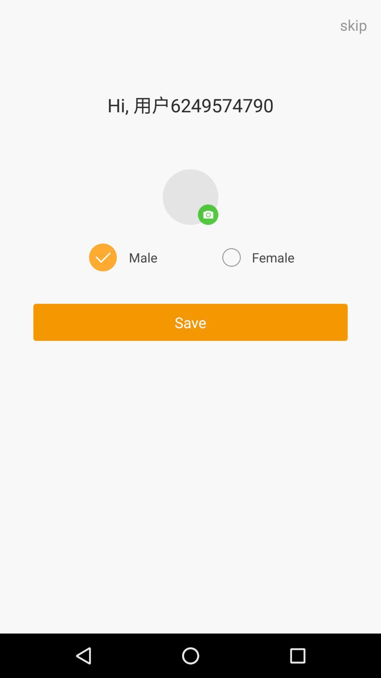  Describe the element at coordinates (190, 322) in the screenshot. I see `the icon below the male` at that location.